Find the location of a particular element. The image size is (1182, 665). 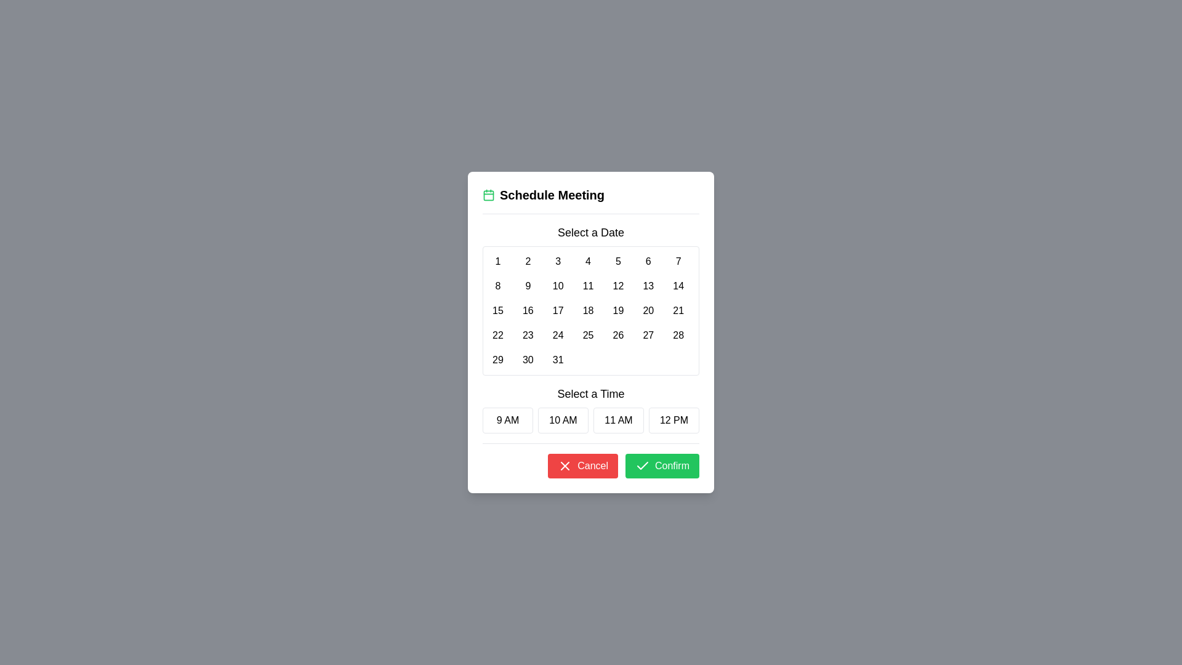

the selectable day button representing the date '22' in the calendar view located in the fourth row and first column of the grid inside the 'Schedule Meeting' card is located at coordinates (498, 335).